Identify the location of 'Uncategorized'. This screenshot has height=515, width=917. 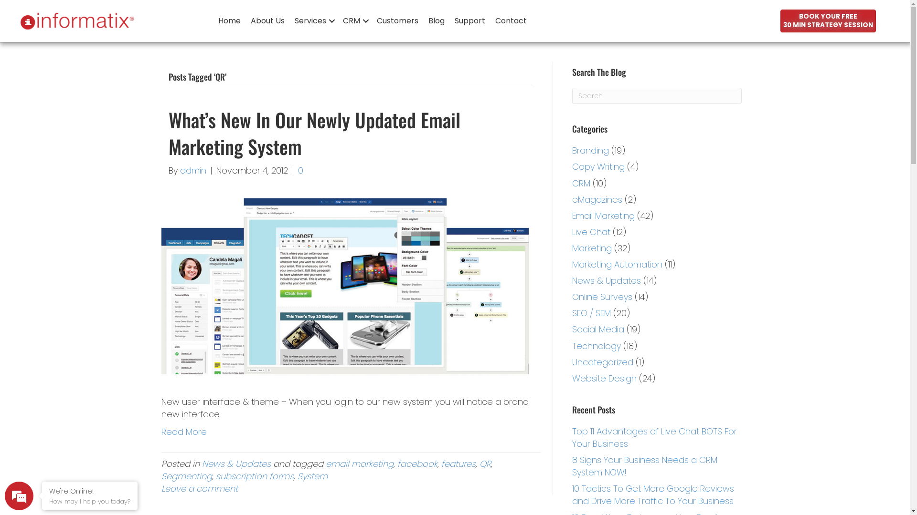
(602, 362).